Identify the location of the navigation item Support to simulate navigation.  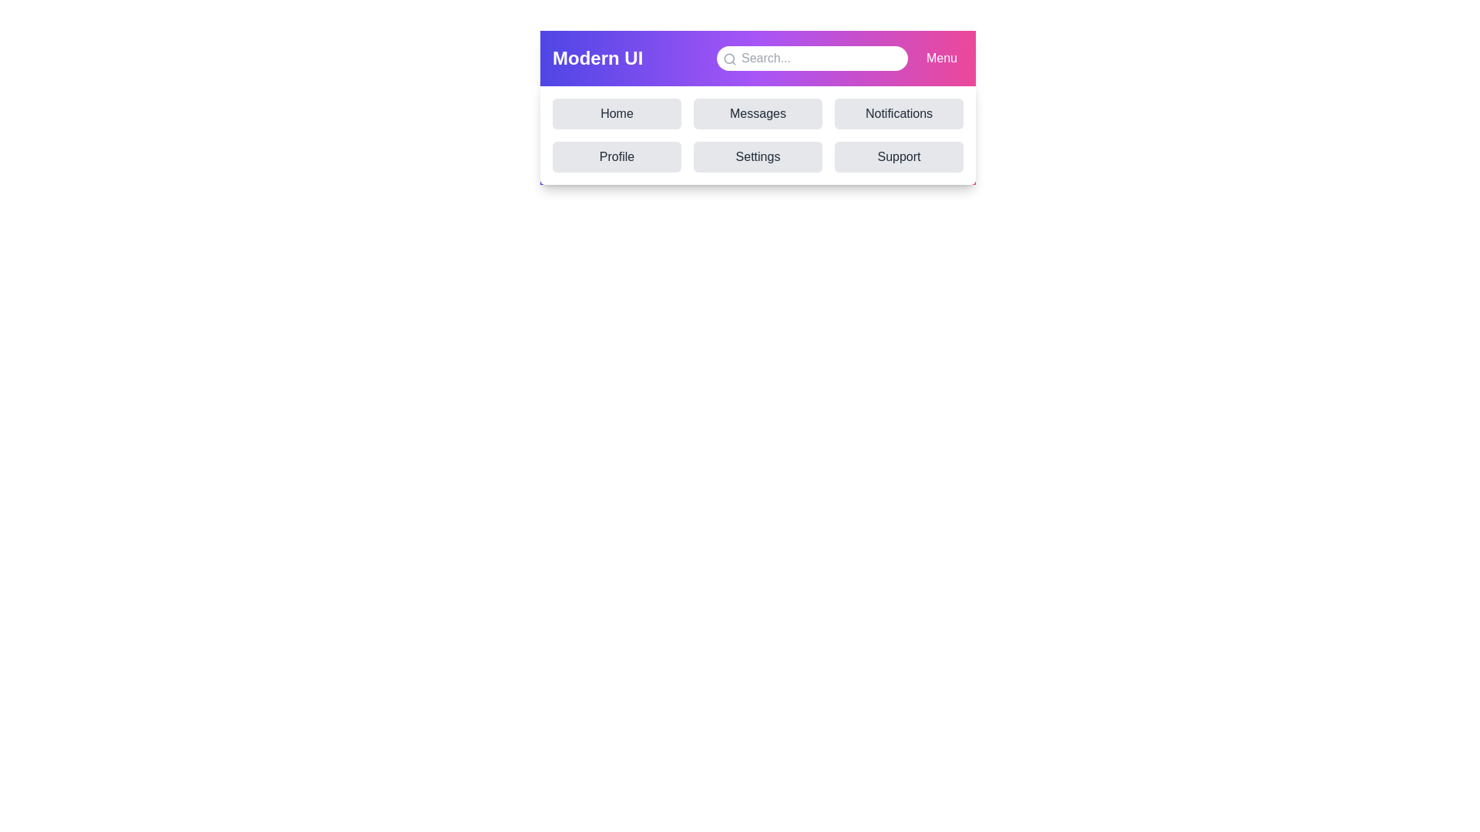
(899, 157).